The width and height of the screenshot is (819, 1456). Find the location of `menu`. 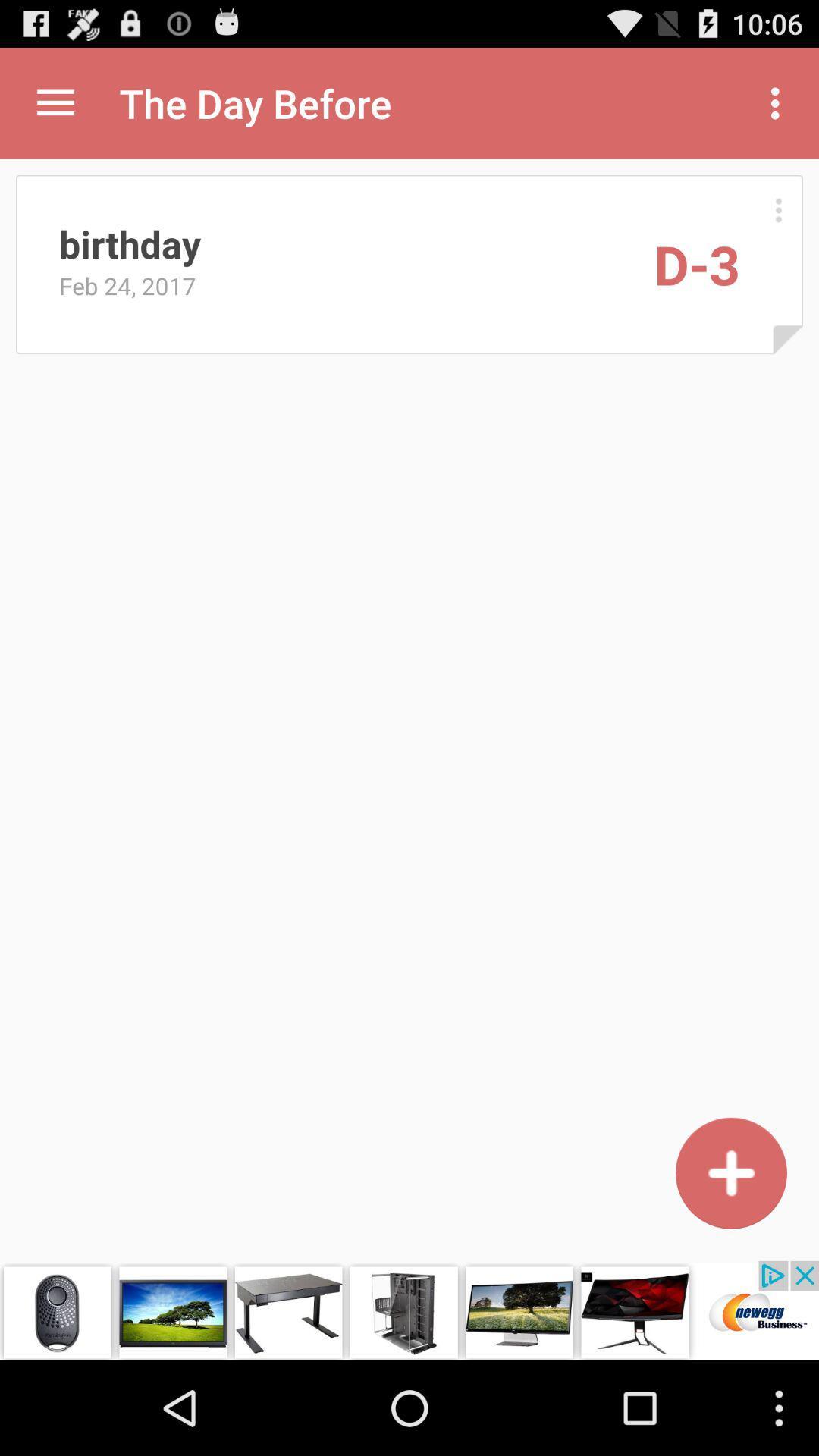

menu is located at coordinates (778, 209).